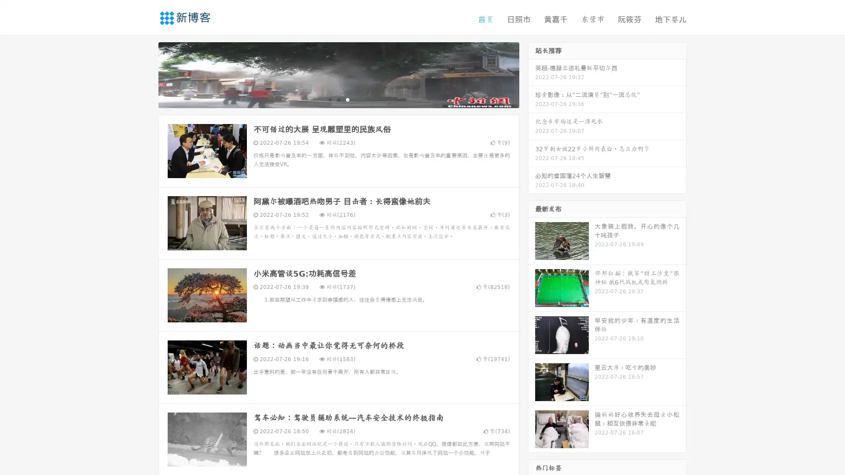 This screenshot has height=475, width=845. I want to click on Go to slide 3, so click(347, 99).